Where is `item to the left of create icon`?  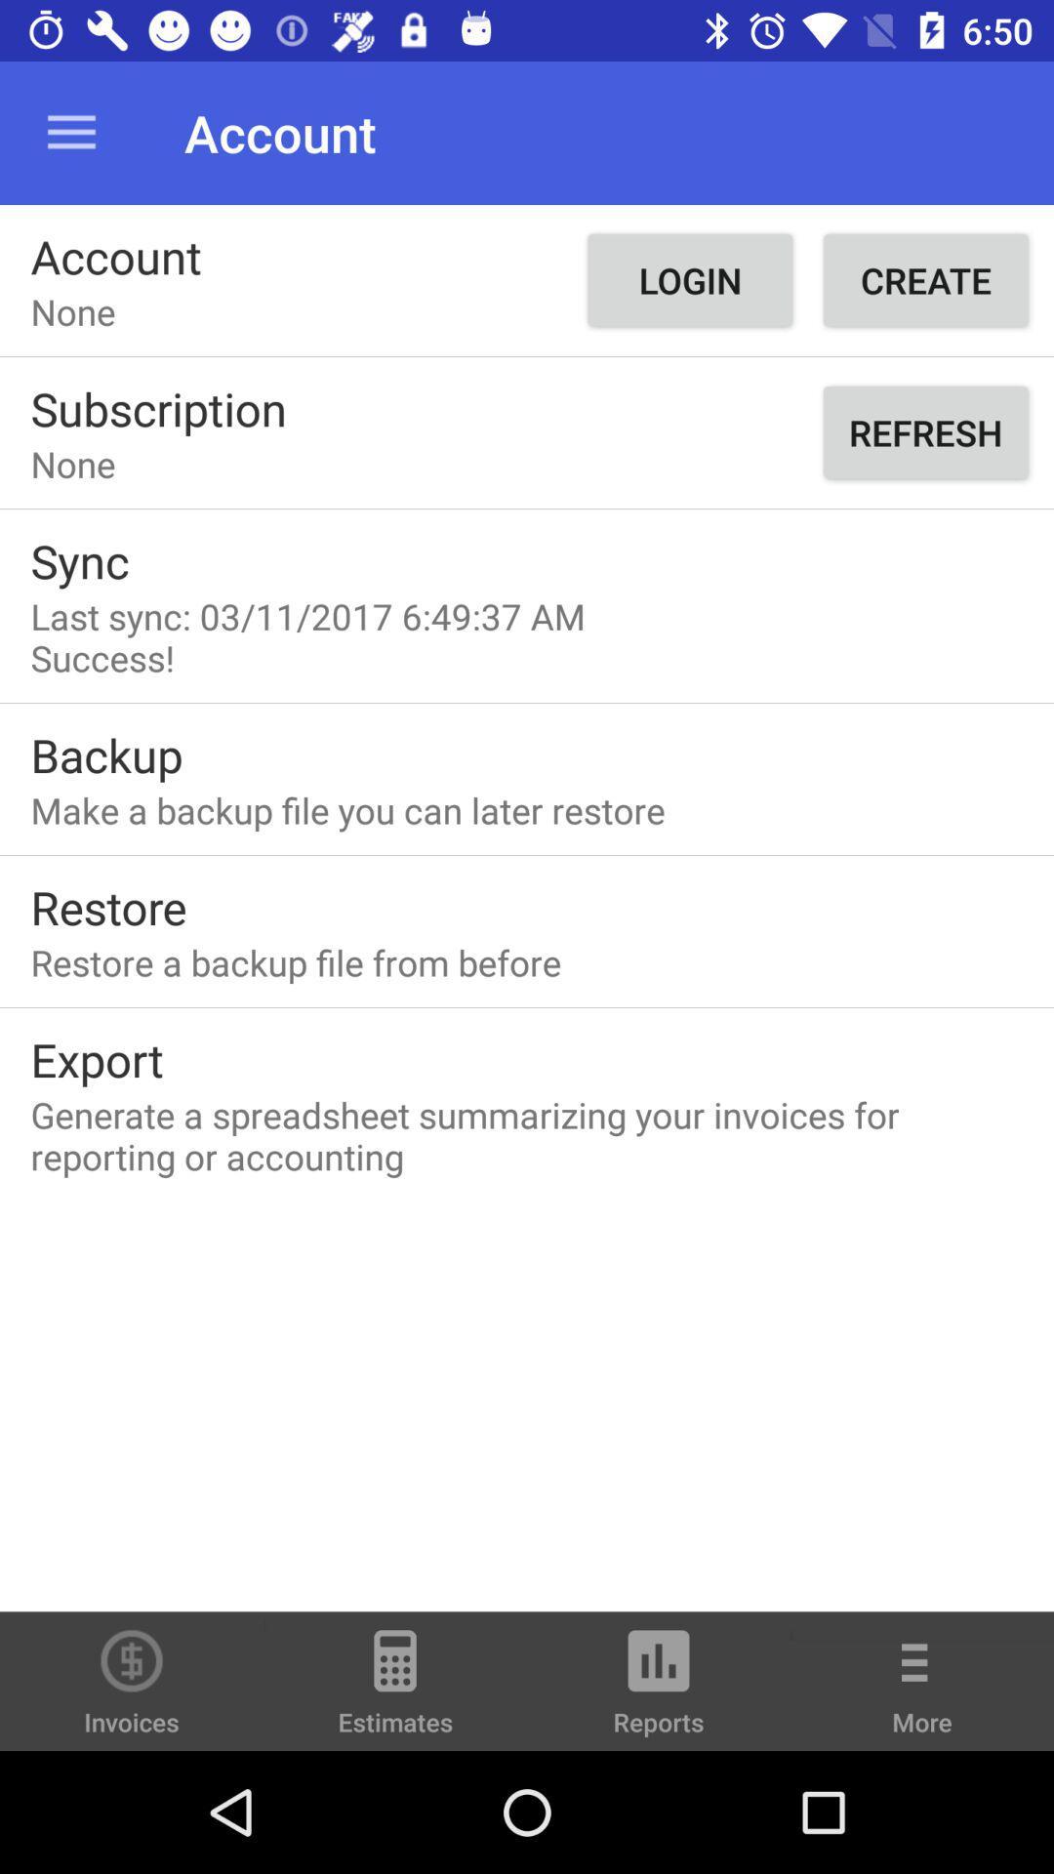 item to the left of create icon is located at coordinates (689, 279).